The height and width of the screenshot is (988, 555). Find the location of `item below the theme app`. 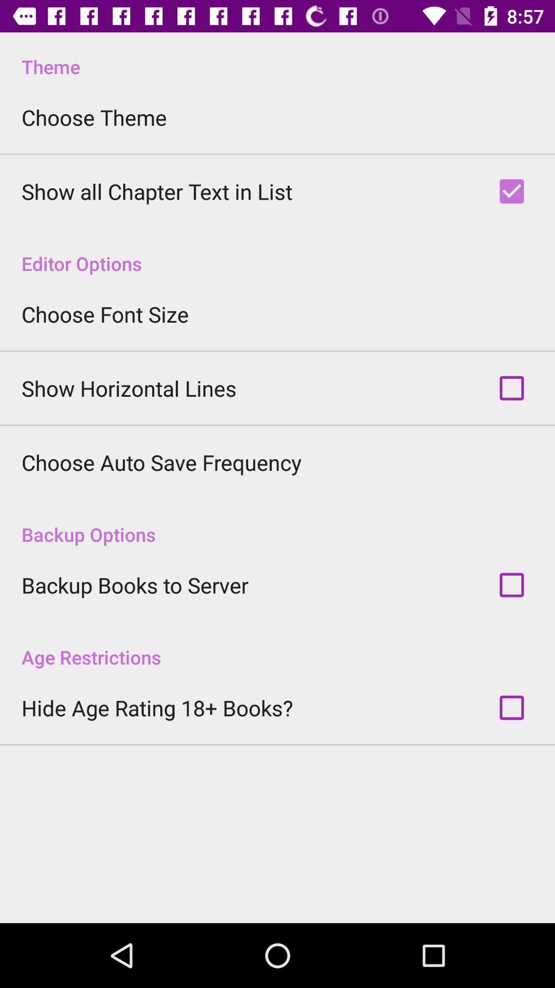

item below the theme app is located at coordinates (94, 117).